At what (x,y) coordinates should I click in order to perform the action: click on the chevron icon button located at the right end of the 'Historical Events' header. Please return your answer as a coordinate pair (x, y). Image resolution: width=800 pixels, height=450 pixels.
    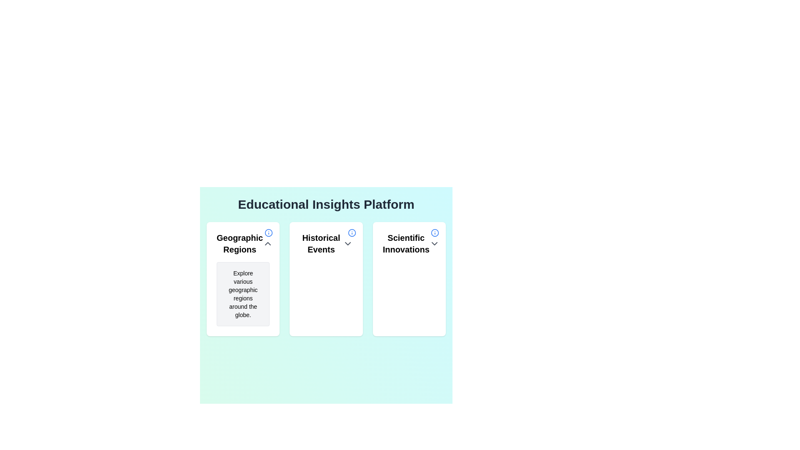
    Looking at the image, I should click on (347, 244).